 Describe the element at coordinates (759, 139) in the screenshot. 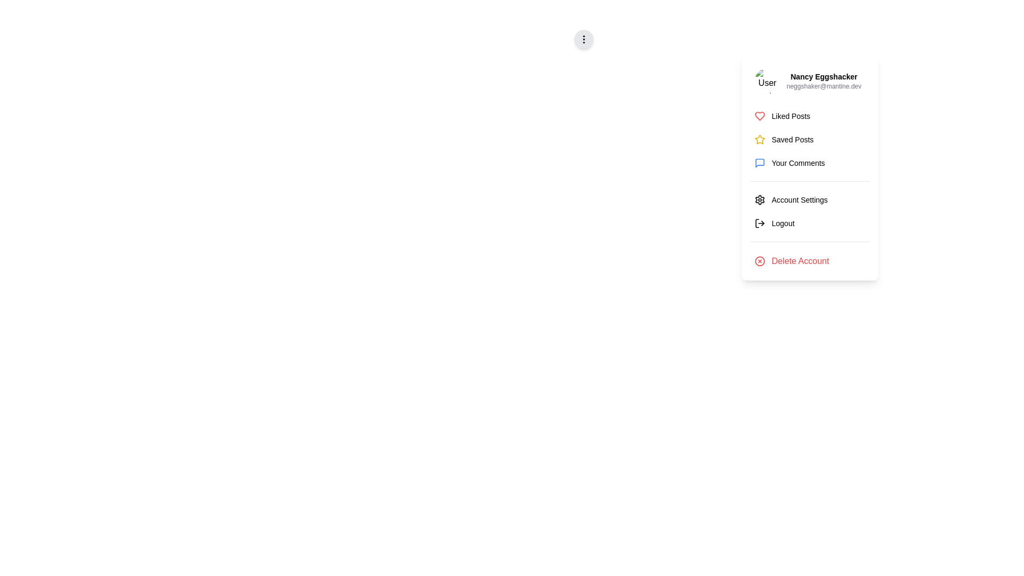

I see `the five-pointed star icon with hollow edges and a yellow perimeter, which is part of the 'Saved Posts' option in the right-side menu card` at that location.